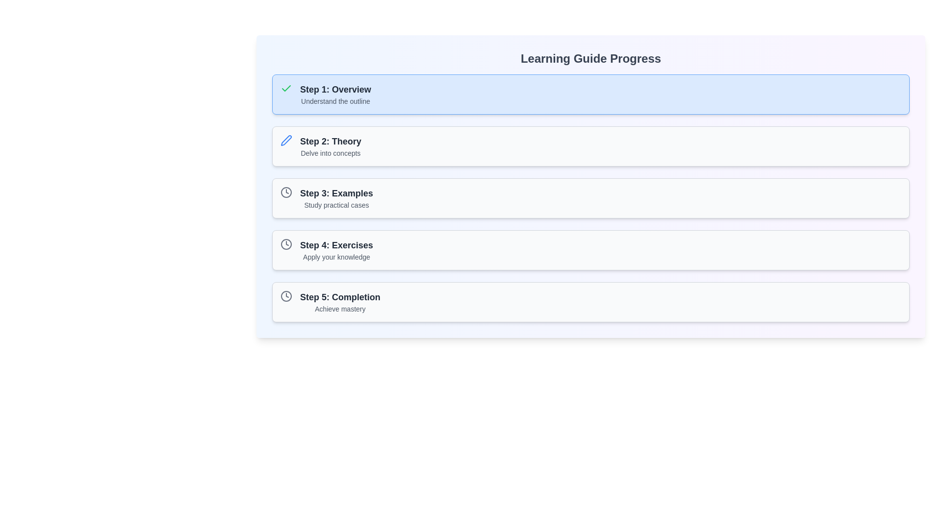 The width and height of the screenshot is (940, 529). I want to click on the text component displaying the phrase 'Study practical cases', which is located directly below the header 'Step 3: Examples' within the third step card, so click(336, 205).